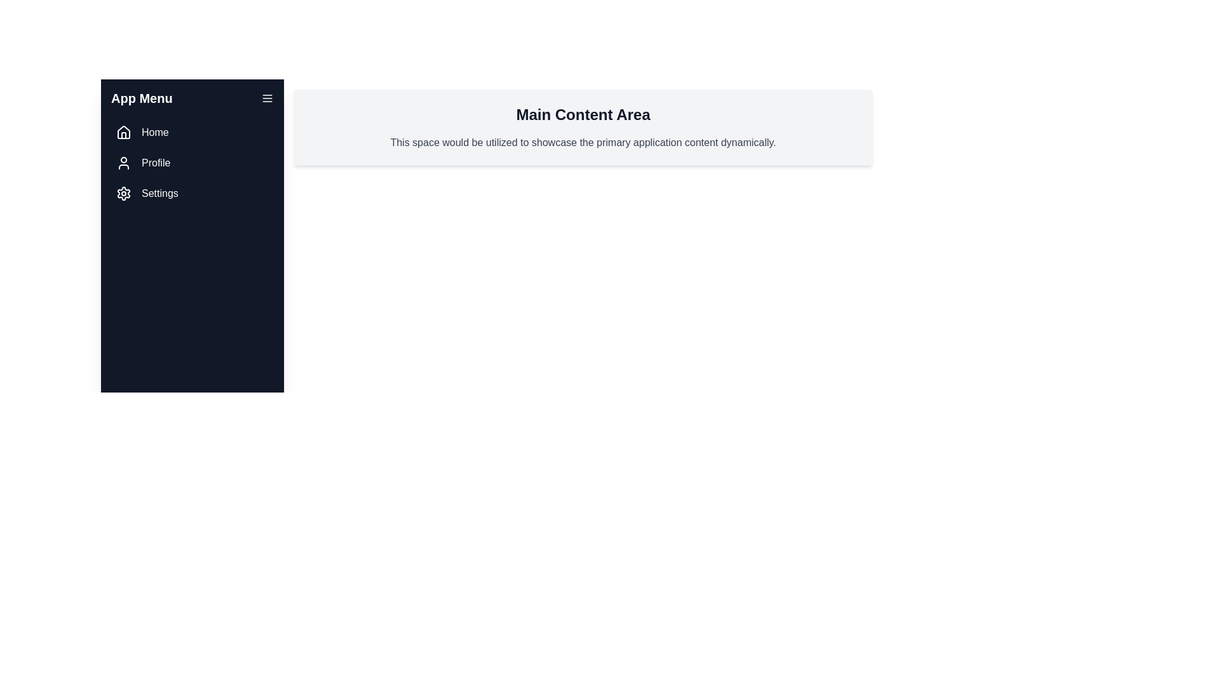 This screenshot has height=686, width=1220. Describe the element at coordinates (191, 193) in the screenshot. I see `the menu item Settings to navigate to the respective section` at that location.